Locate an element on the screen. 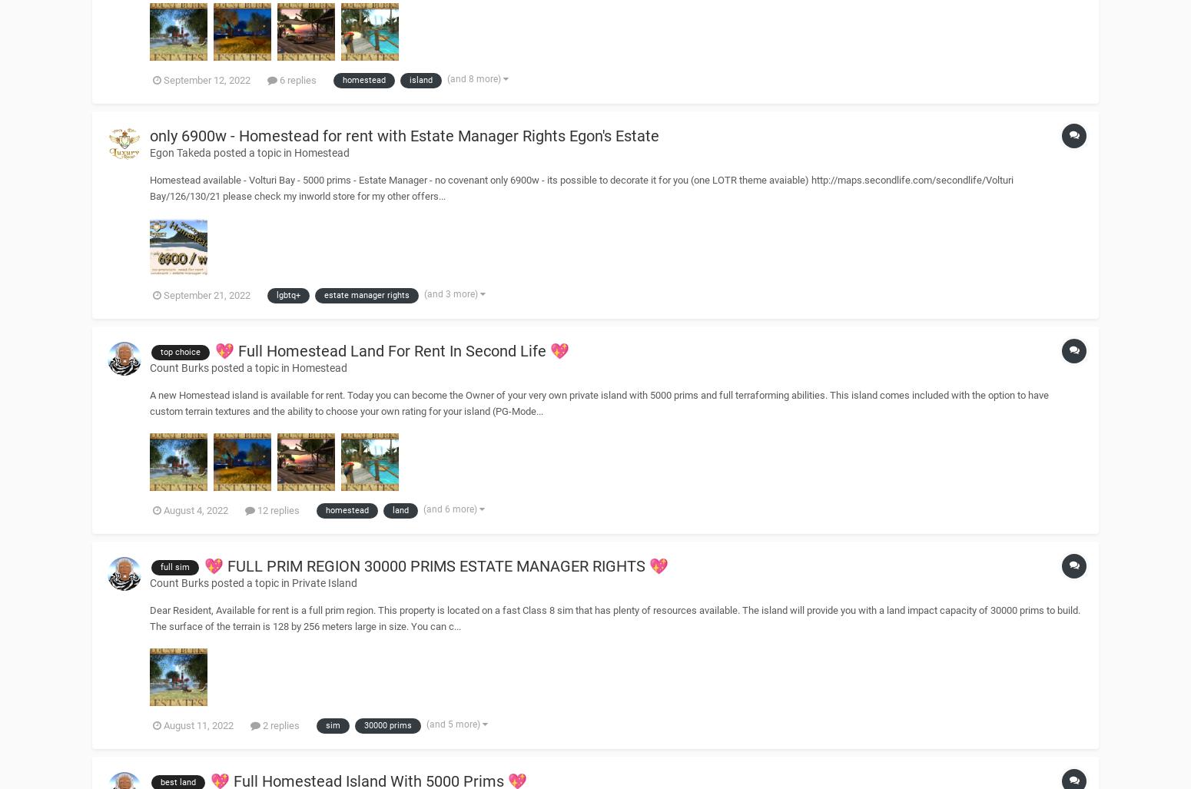  '(and 8 more)' is located at coordinates (447, 77).